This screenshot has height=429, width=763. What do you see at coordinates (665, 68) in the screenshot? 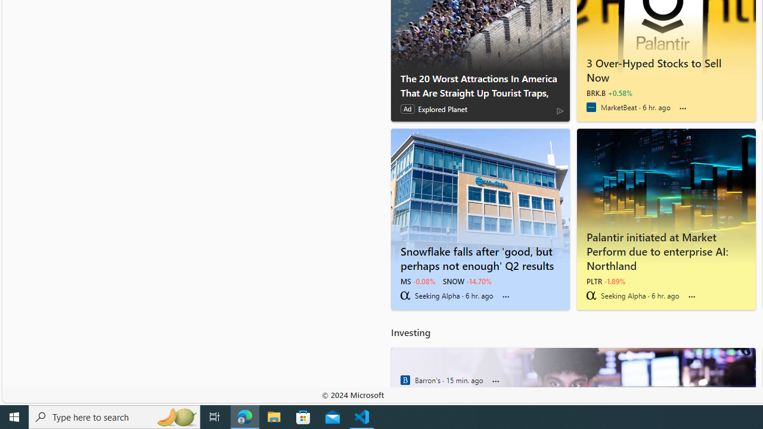
I see `'3 Over-Hyped Stocks to Sell Now - MarketBeat'` at bounding box center [665, 68].